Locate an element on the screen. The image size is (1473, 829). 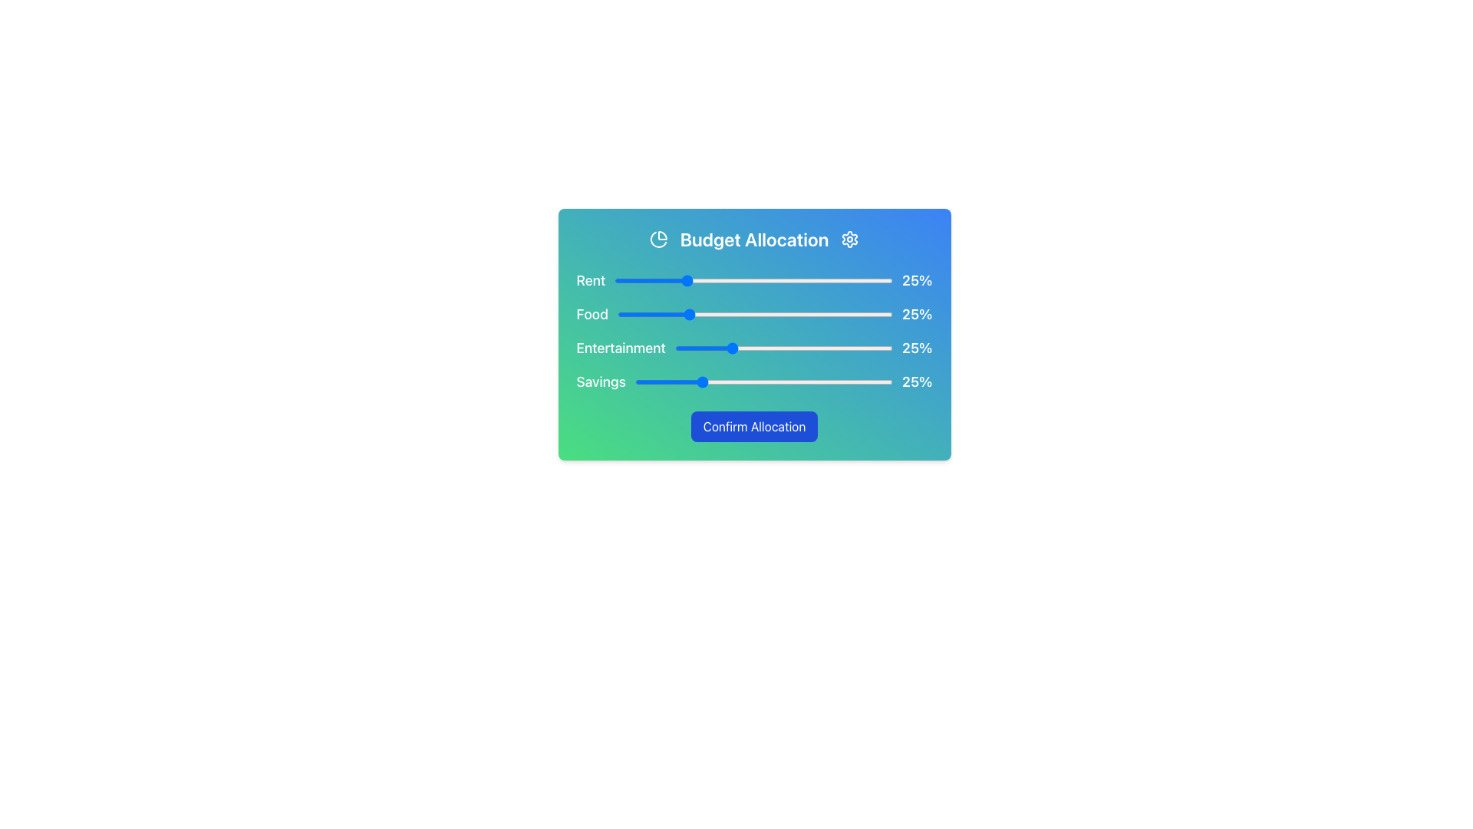
and drag the blue knob of the range slider located between the label 'Savings' and the percentage value '25%' to adjust the value is located at coordinates (763, 381).